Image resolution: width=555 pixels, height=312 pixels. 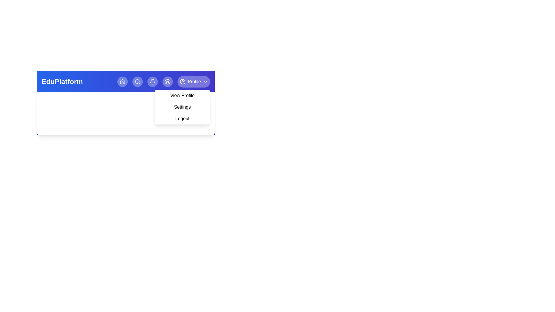 What do you see at coordinates (182, 118) in the screenshot?
I see `the Logout from the profile menu` at bounding box center [182, 118].